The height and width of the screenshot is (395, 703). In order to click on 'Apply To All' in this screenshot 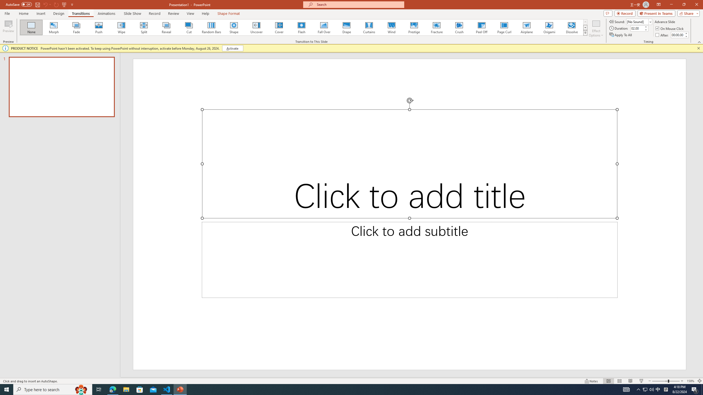, I will do `click(621, 35)`.